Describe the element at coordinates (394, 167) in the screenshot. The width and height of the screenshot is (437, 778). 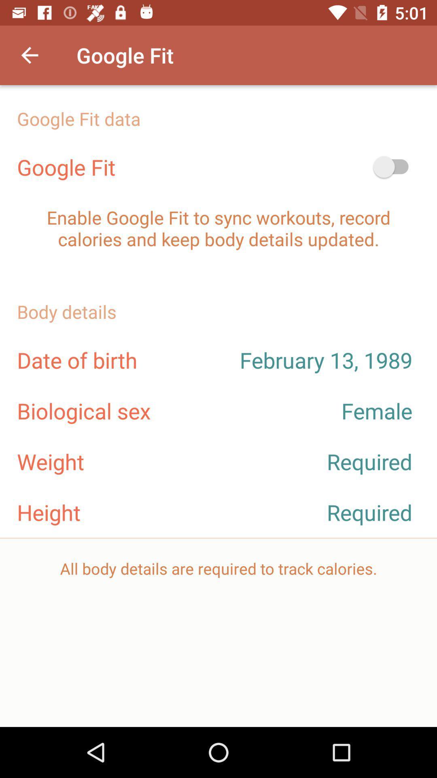
I see `the icon above enable google fit` at that location.